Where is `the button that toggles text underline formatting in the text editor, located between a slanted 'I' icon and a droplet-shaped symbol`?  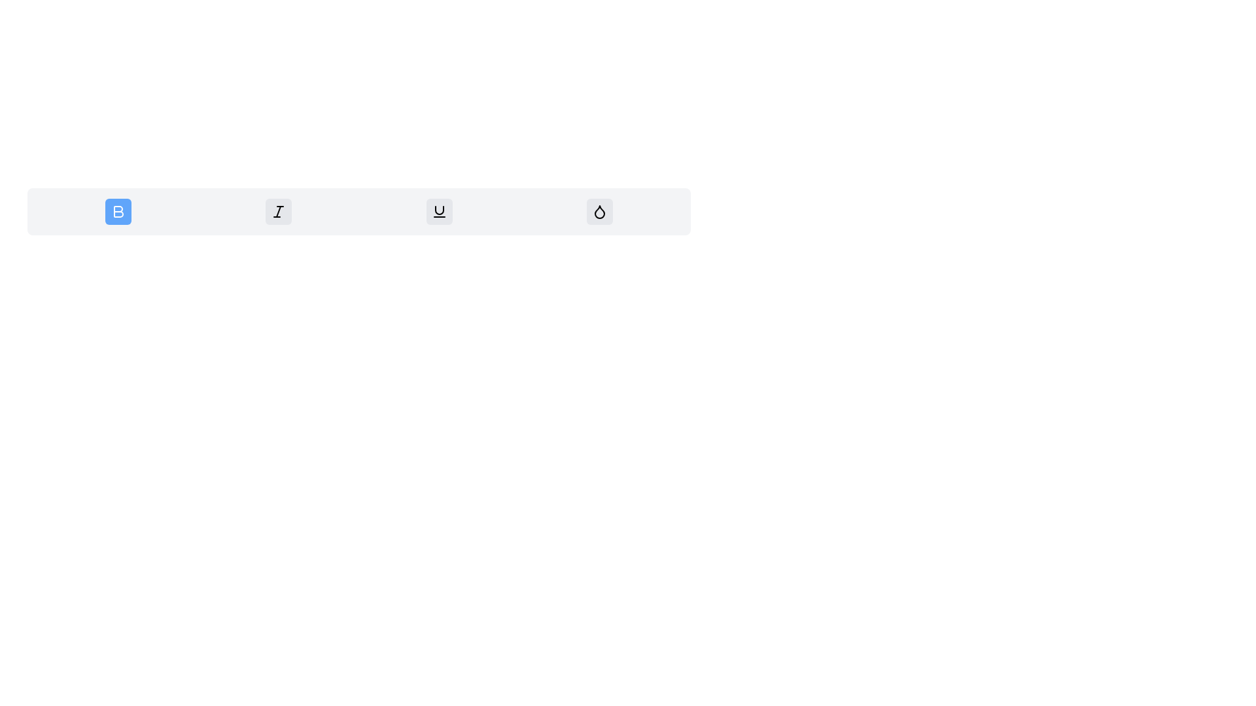 the button that toggles text underline formatting in the text editor, located between a slanted 'I' icon and a droplet-shaped symbol is located at coordinates (439, 211).